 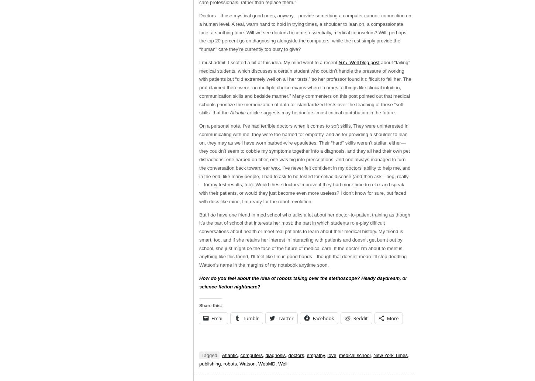 What do you see at coordinates (211, 318) in the screenshot?
I see `'Email'` at bounding box center [211, 318].